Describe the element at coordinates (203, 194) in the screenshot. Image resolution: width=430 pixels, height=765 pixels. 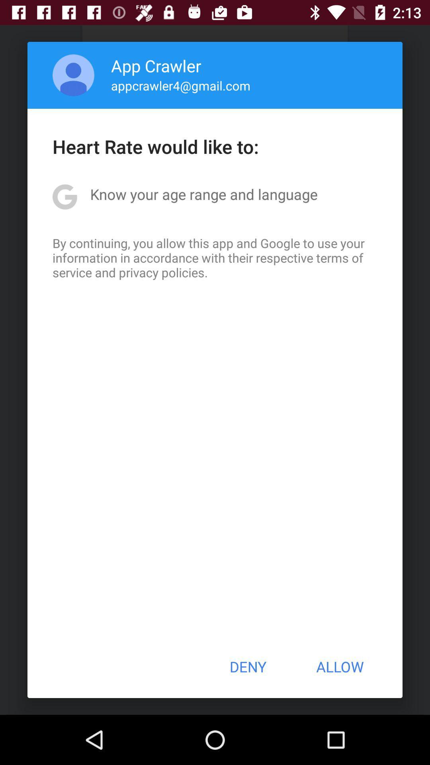
I see `item below the heart rate would` at that location.